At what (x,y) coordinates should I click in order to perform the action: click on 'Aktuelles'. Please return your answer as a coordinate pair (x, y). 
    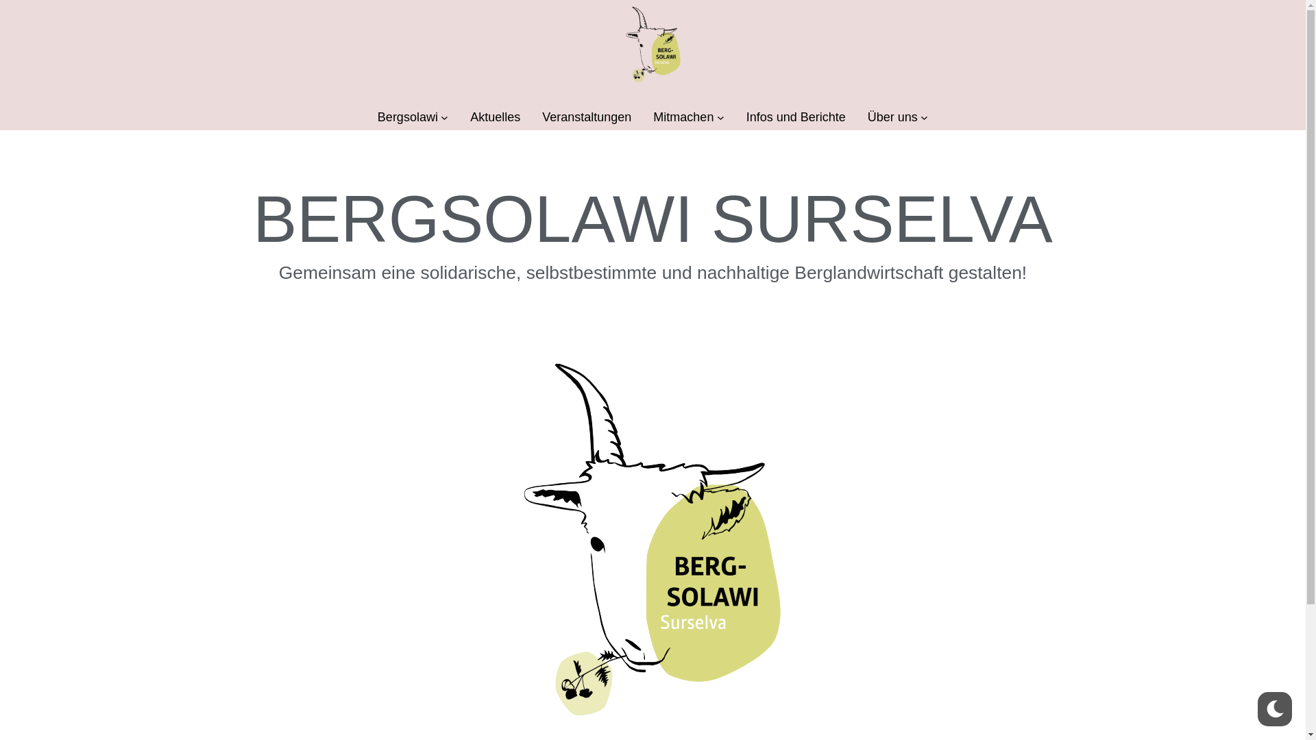
    Looking at the image, I should click on (470, 116).